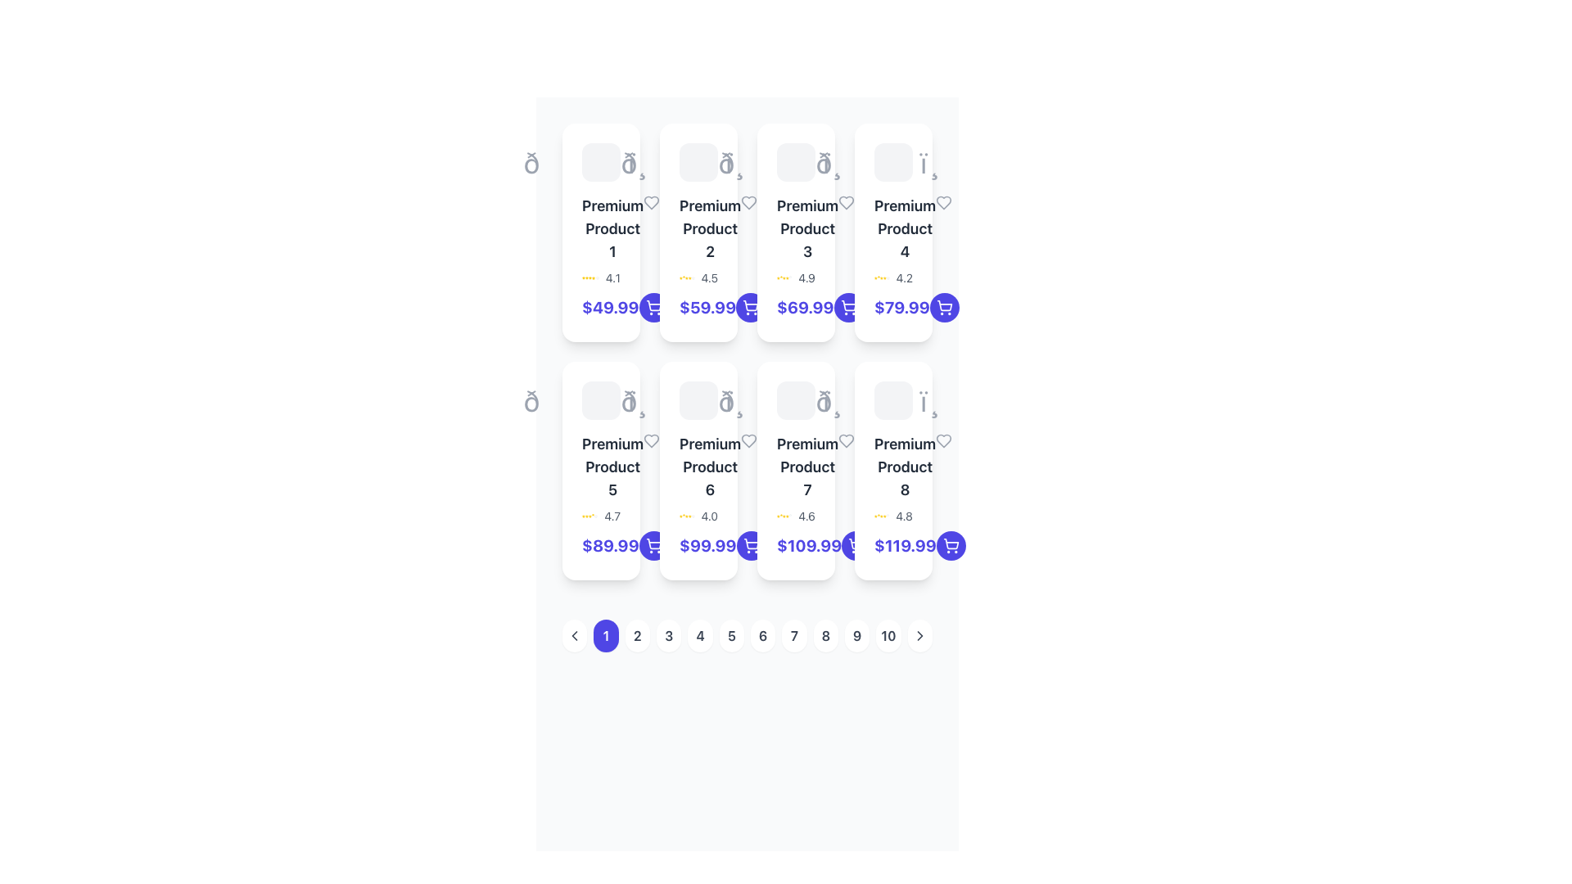  What do you see at coordinates (600, 471) in the screenshot?
I see `the Product card, which is the fifth item in a grid layout displaying product information` at bounding box center [600, 471].